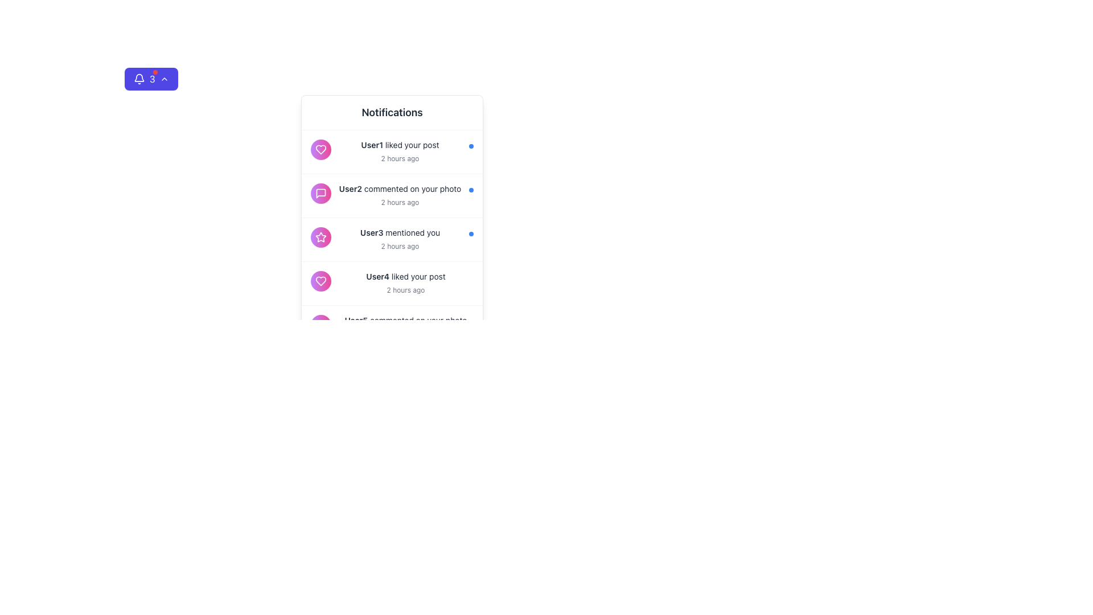 This screenshot has height=615, width=1093. What do you see at coordinates (392, 151) in the screenshot?
I see `the first notification entry that informs the user that 'User1' liked their post` at bounding box center [392, 151].